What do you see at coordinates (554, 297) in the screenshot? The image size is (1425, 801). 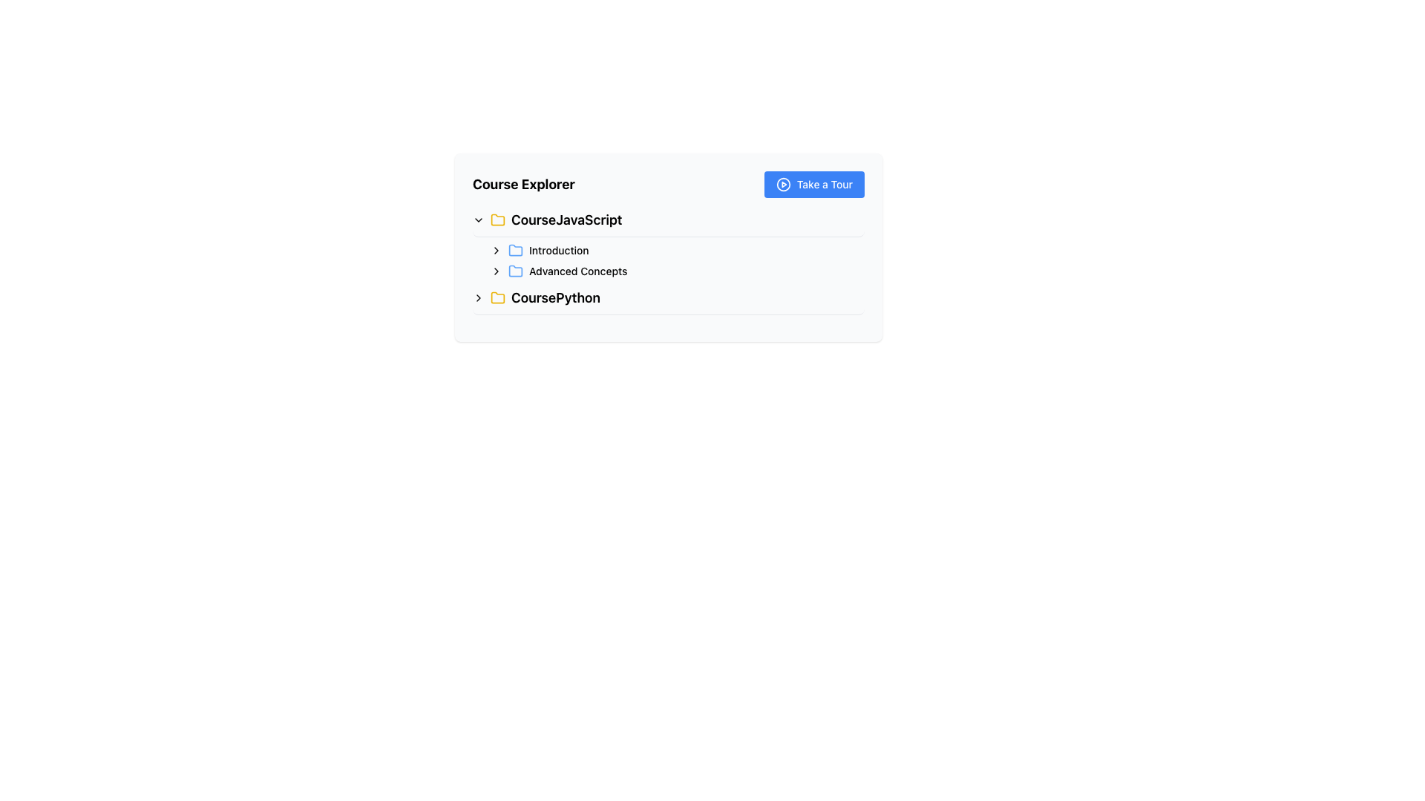 I see `the clickable text label for the 'CoursePython' folder, which is located to the right of the yellow folder icon and aligns with the chevron icon pointing right` at bounding box center [554, 297].